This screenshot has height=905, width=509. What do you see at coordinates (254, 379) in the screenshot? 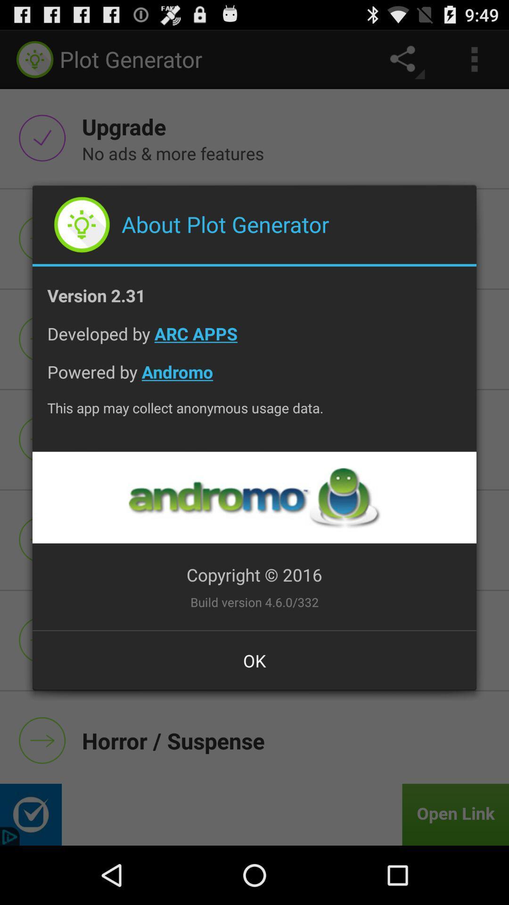
I see `the powered by andromo icon` at bounding box center [254, 379].